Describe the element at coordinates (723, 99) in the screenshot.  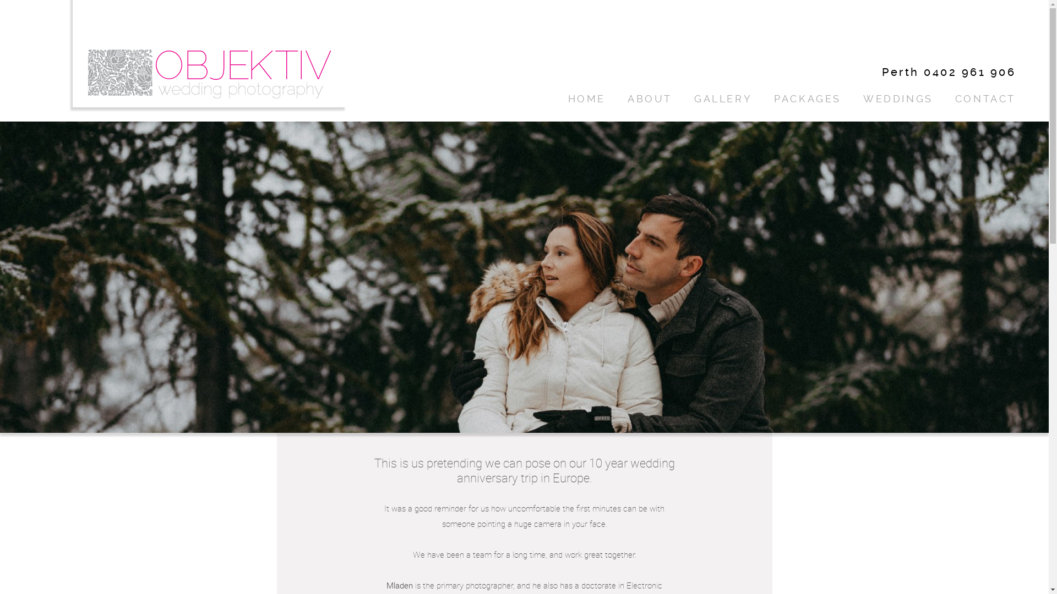
I see `'GALLERY'` at that location.